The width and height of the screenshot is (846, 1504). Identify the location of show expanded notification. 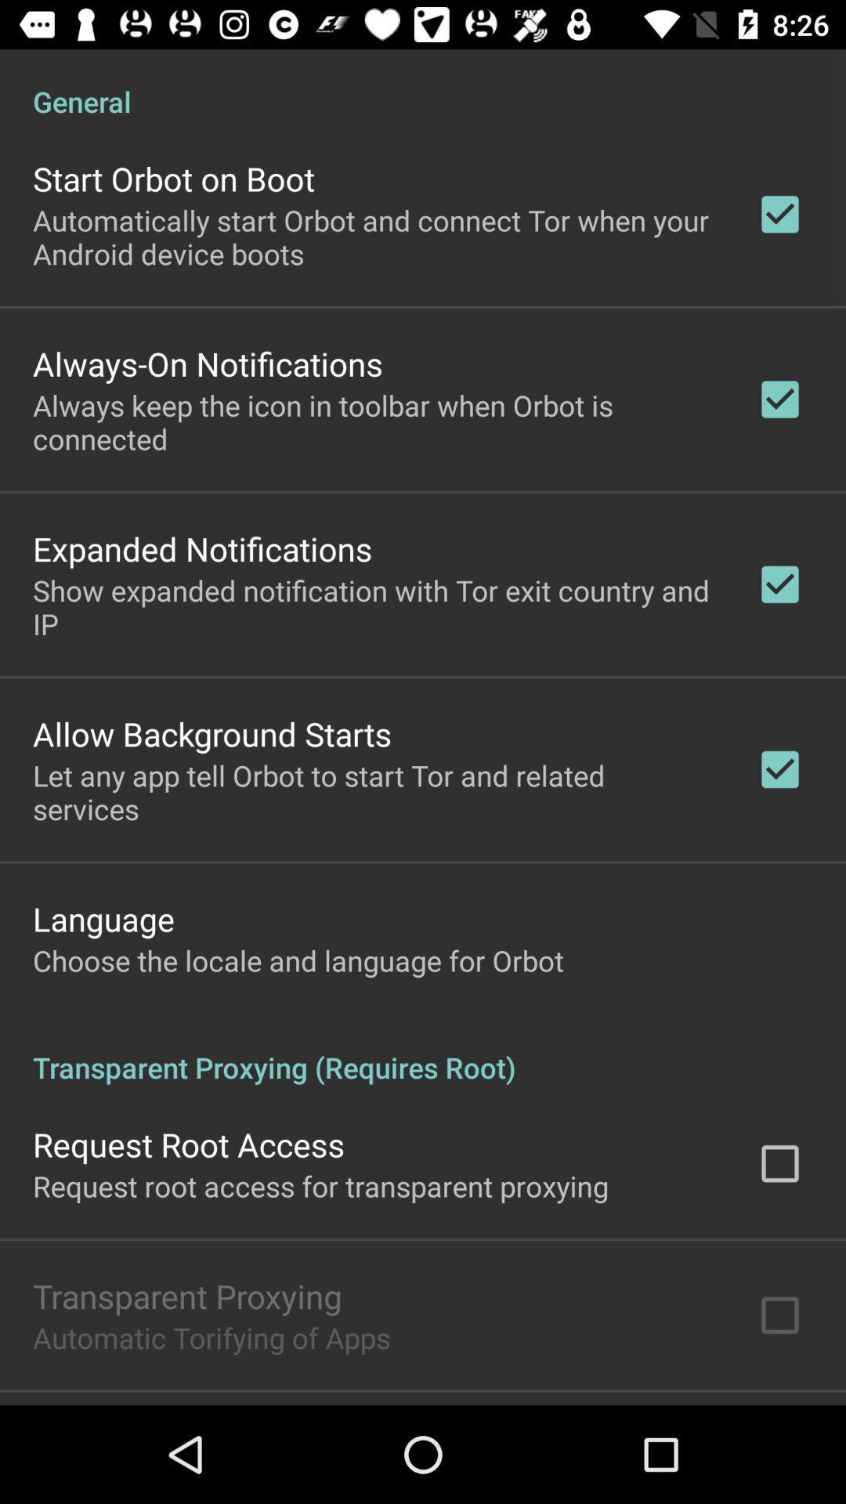
(374, 606).